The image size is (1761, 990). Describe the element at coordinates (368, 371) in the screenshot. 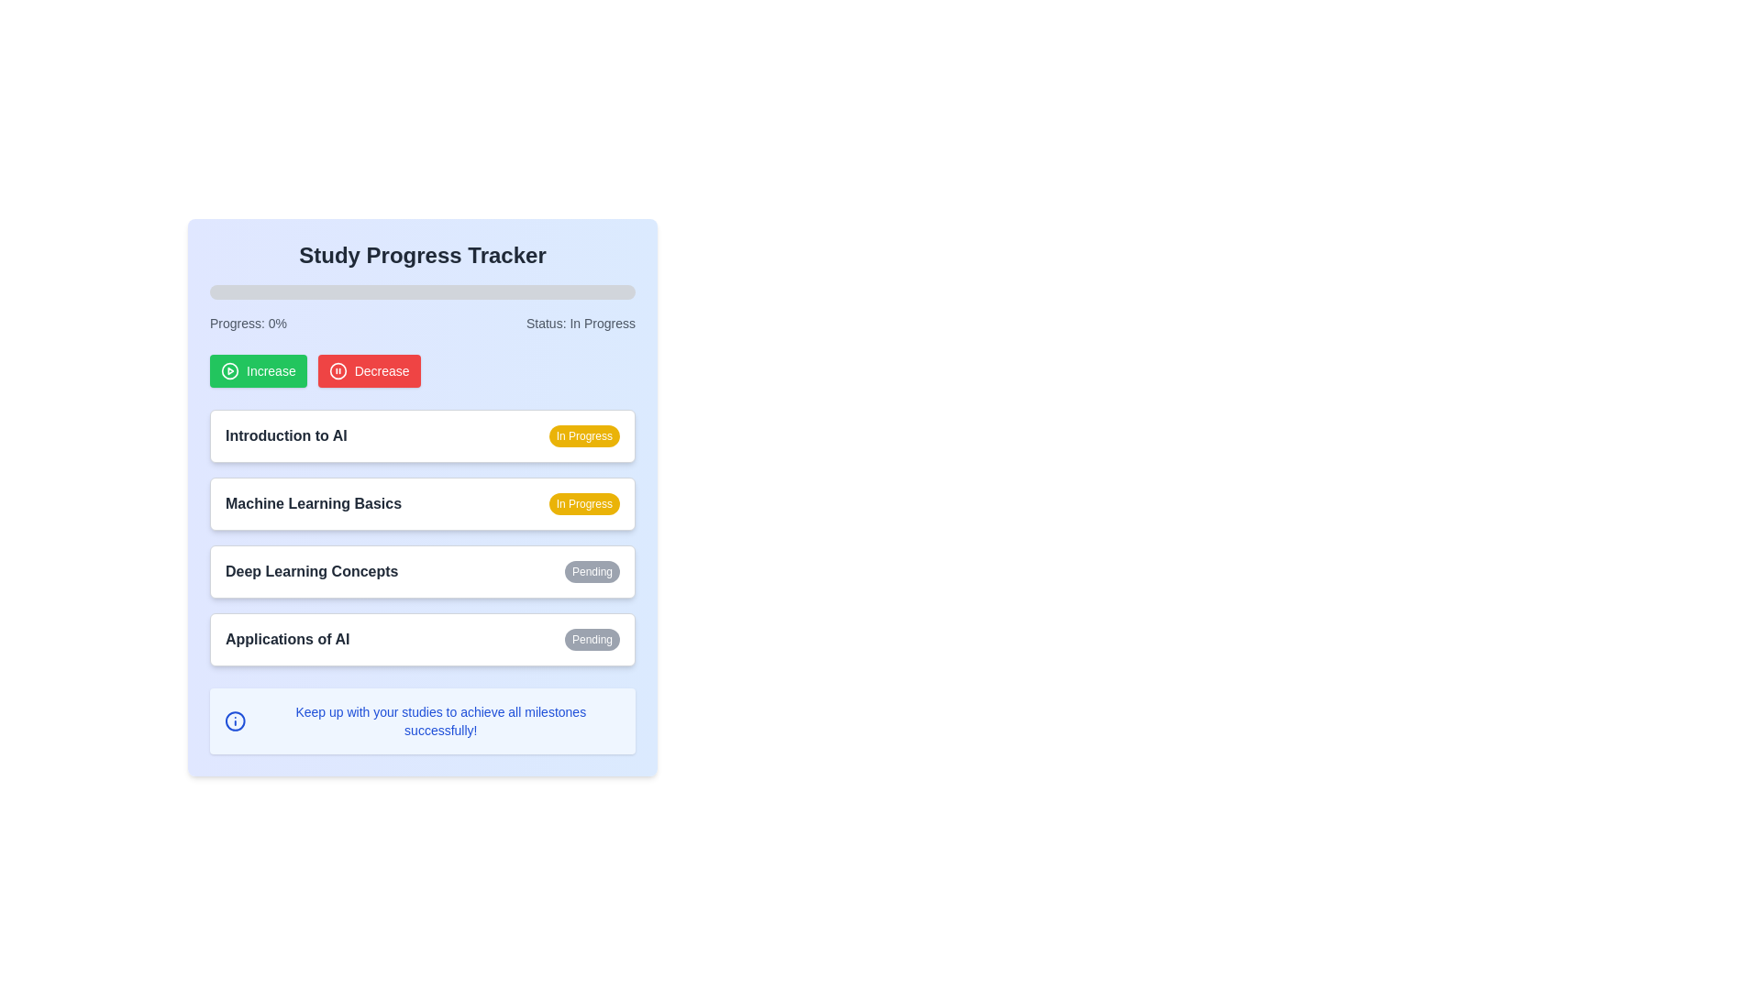

I see `the red 'Decrease' button with white text` at that location.